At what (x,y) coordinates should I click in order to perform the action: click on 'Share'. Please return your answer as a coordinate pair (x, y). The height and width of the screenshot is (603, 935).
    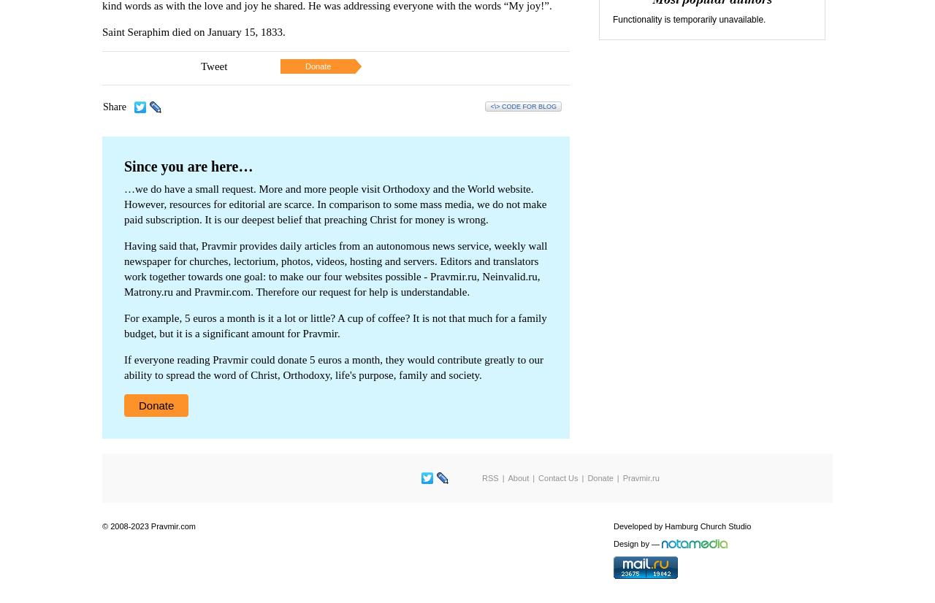
    Looking at the image, I should click on (113, 107).